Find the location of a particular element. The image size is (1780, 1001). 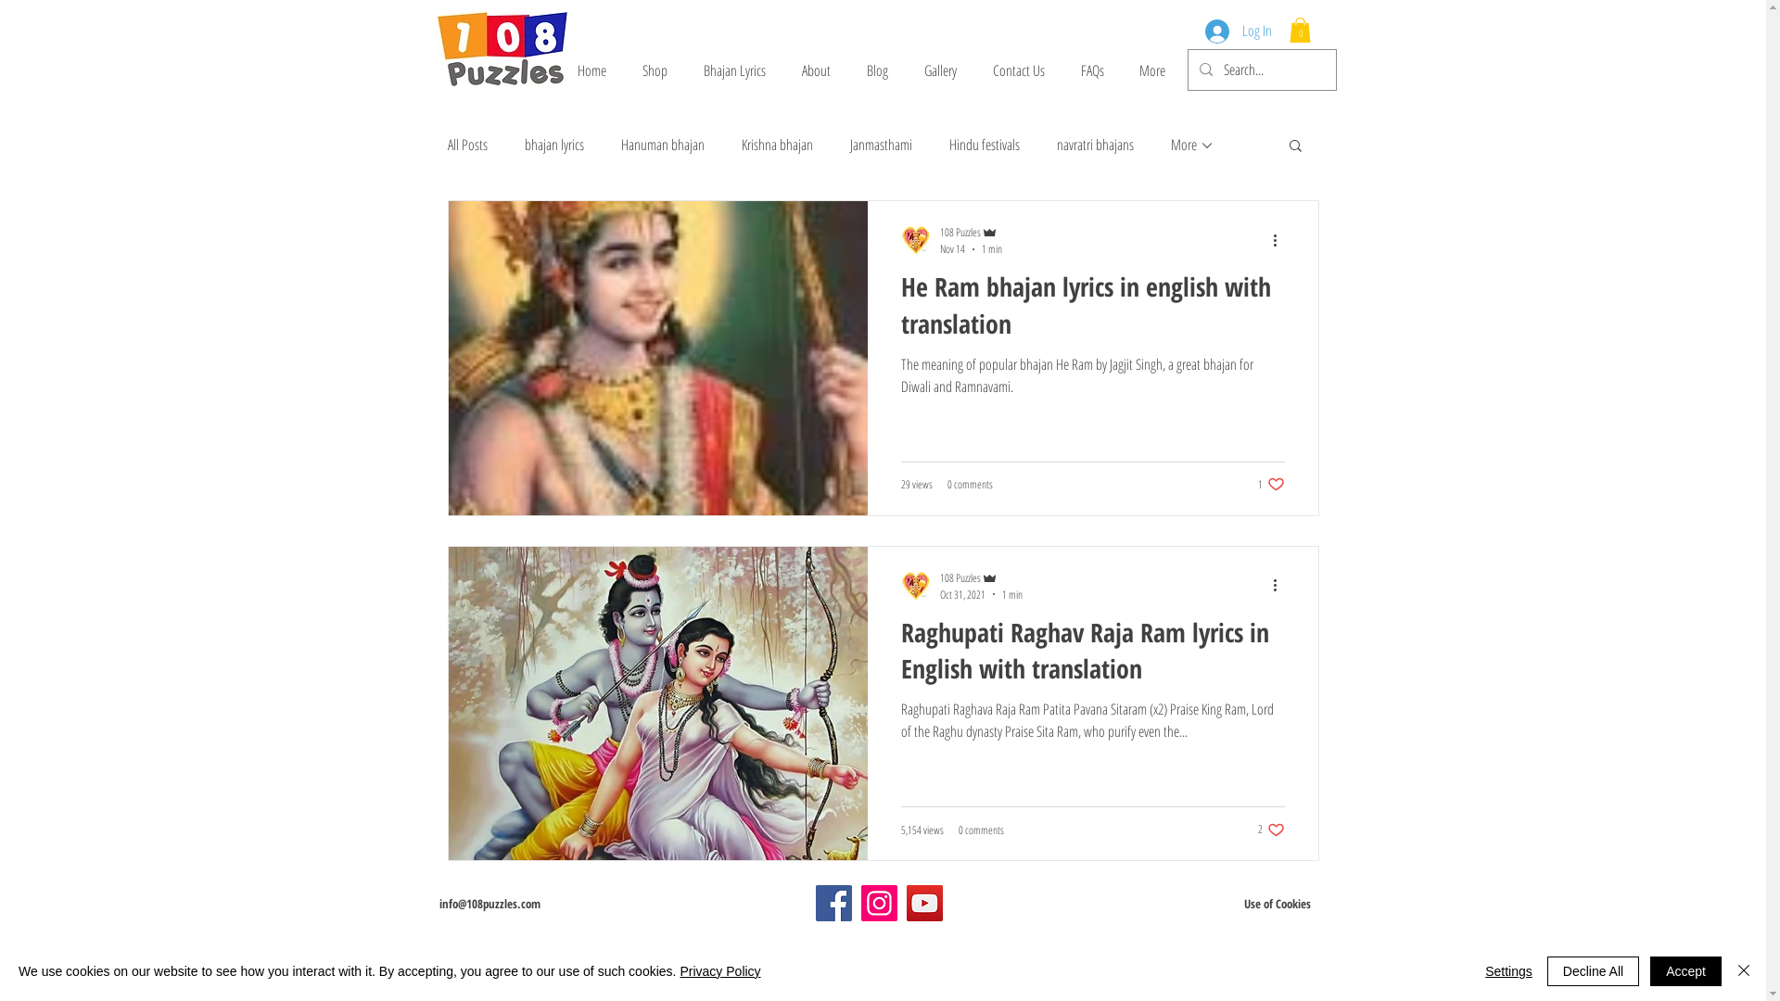

'FAQs' is located at coordinates (1091, 70).